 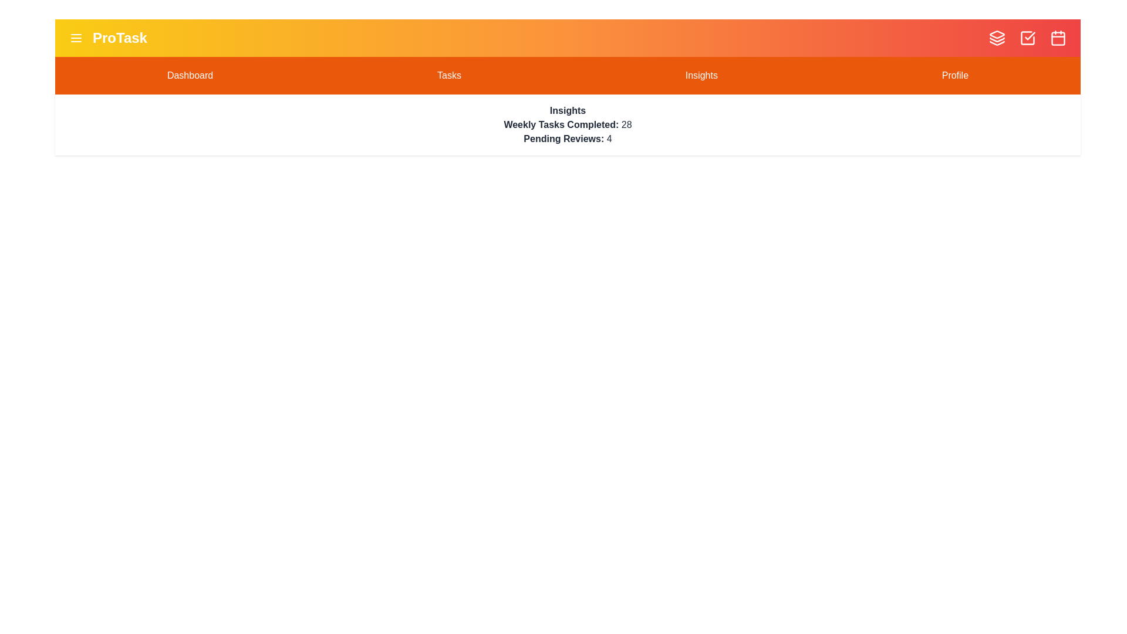 I want to click on the menu toggle button to toggle the menu visibility, so click(x=75, y=38).